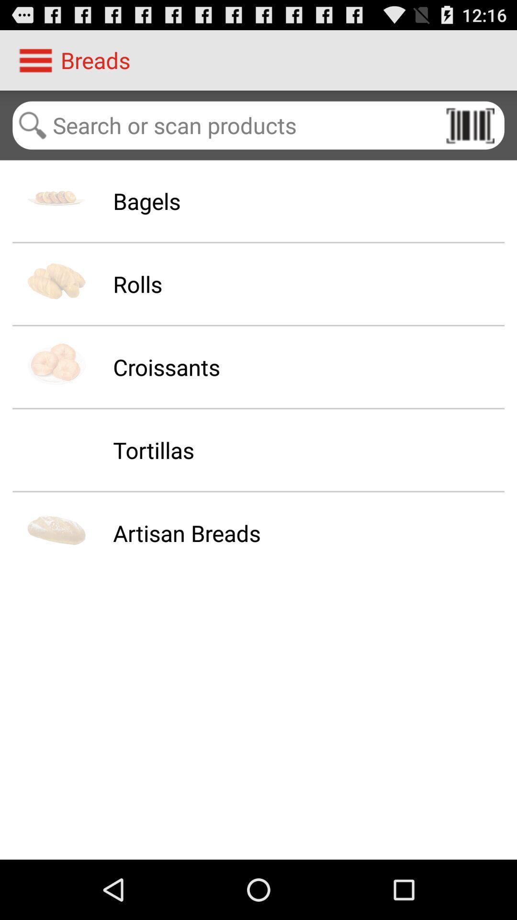  What do you see at coordinates (187, 532) in the screenshot?
I see `the app at the center` at bounding box center [187, 532].